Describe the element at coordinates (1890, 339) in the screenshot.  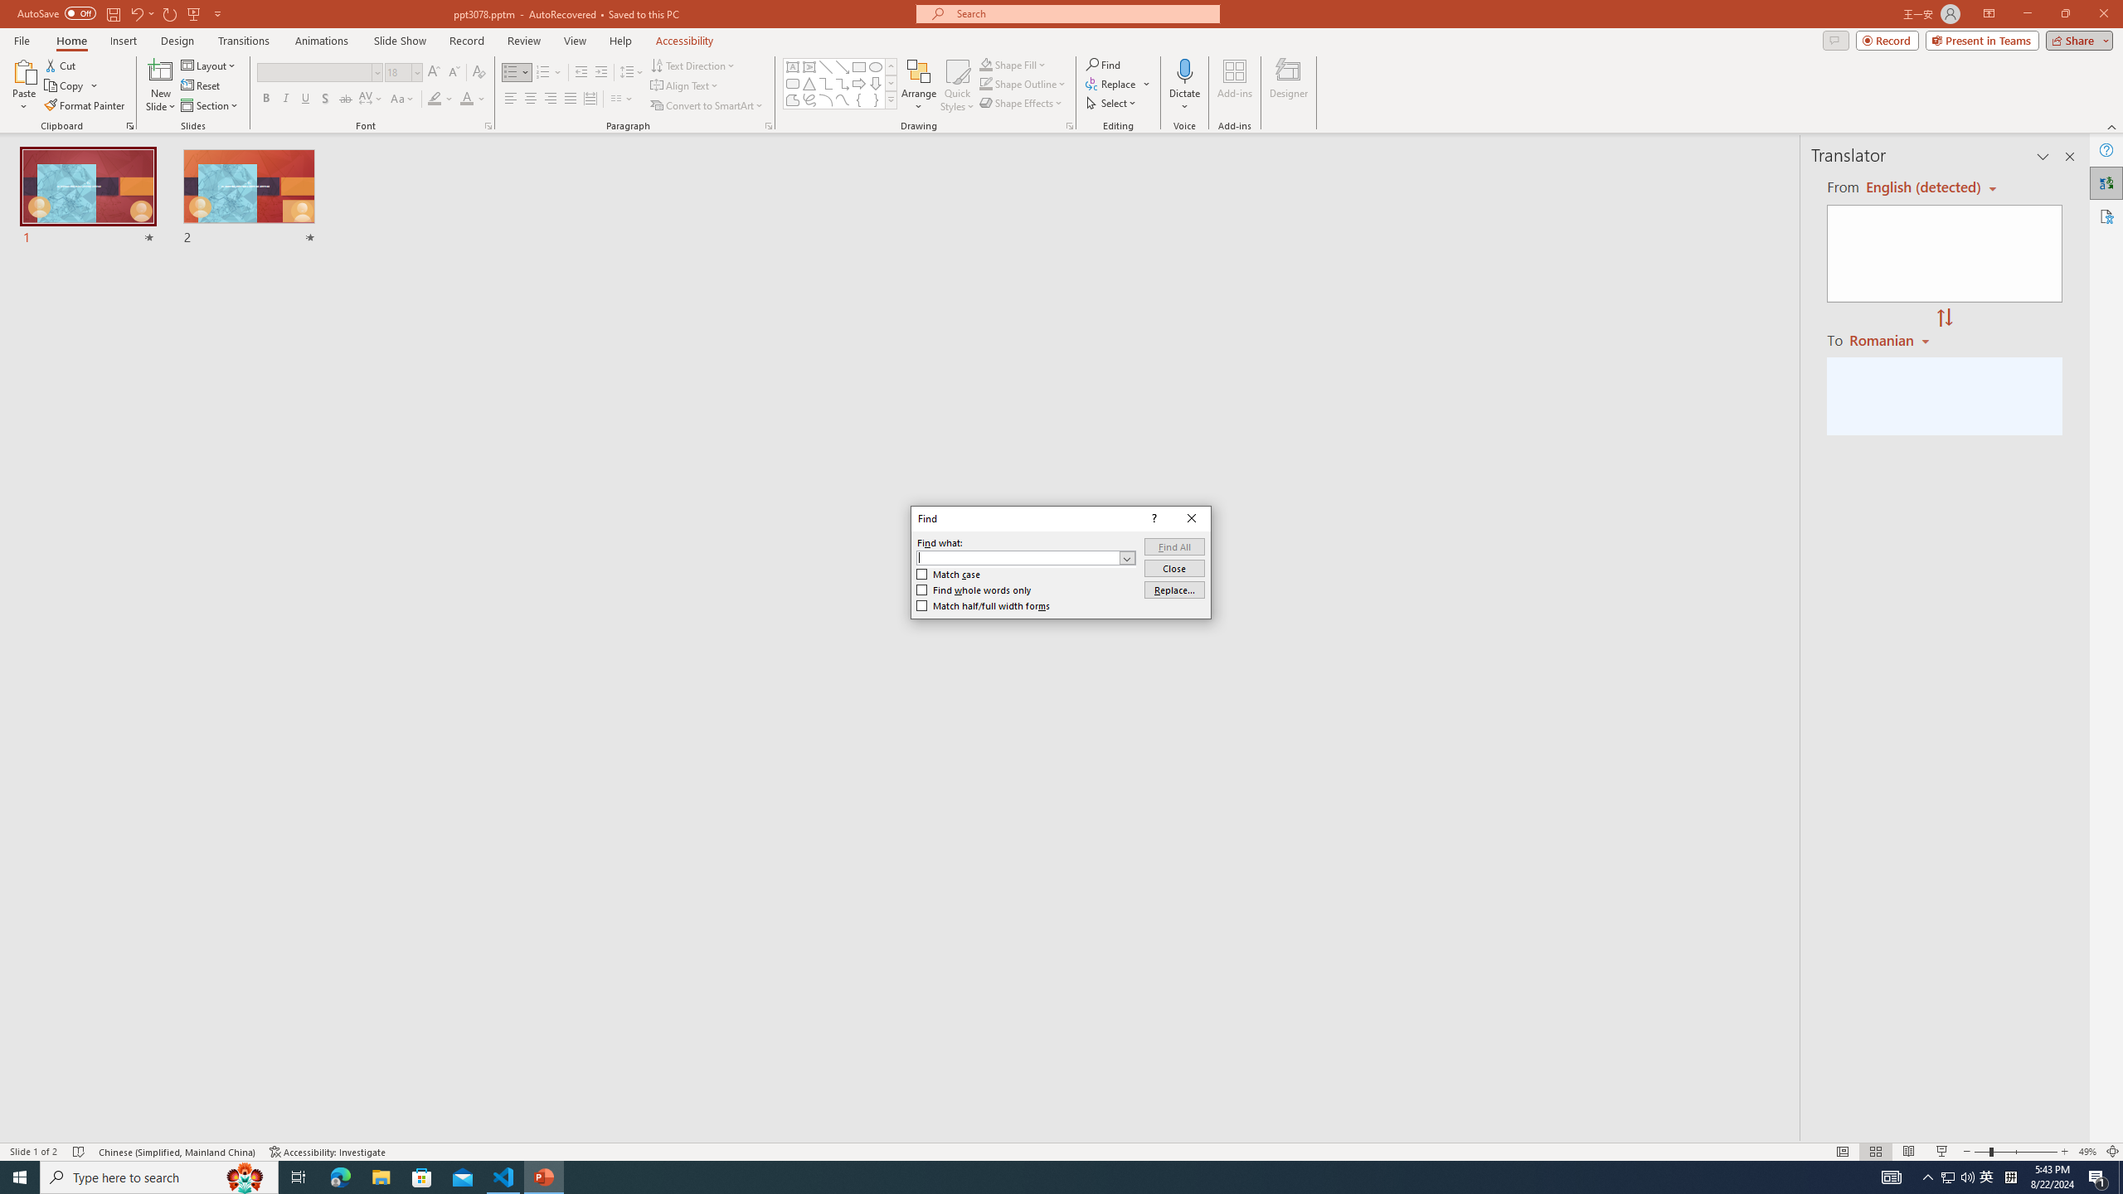
I see `'Romanian'` at that location.